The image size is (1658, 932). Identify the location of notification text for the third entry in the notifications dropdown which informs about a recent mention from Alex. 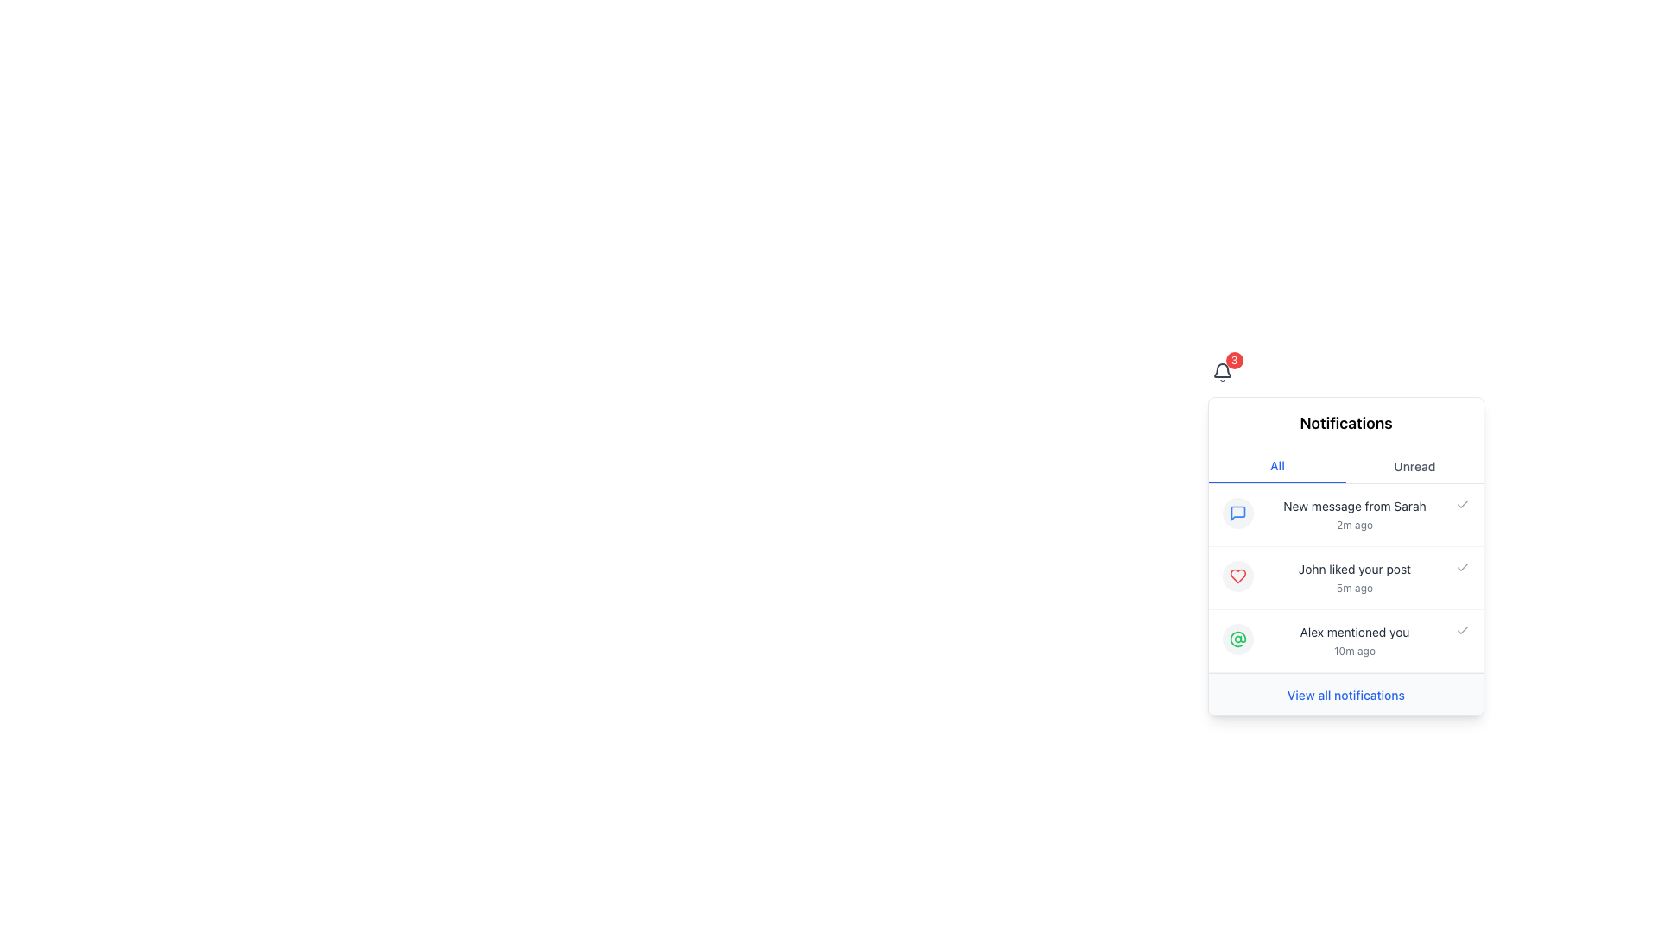
(1345, 641).